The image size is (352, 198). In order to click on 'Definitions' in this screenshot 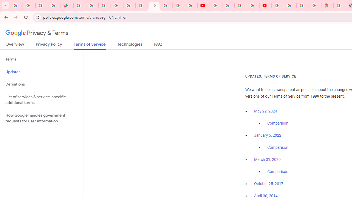, I will do `click(42, 84)`.